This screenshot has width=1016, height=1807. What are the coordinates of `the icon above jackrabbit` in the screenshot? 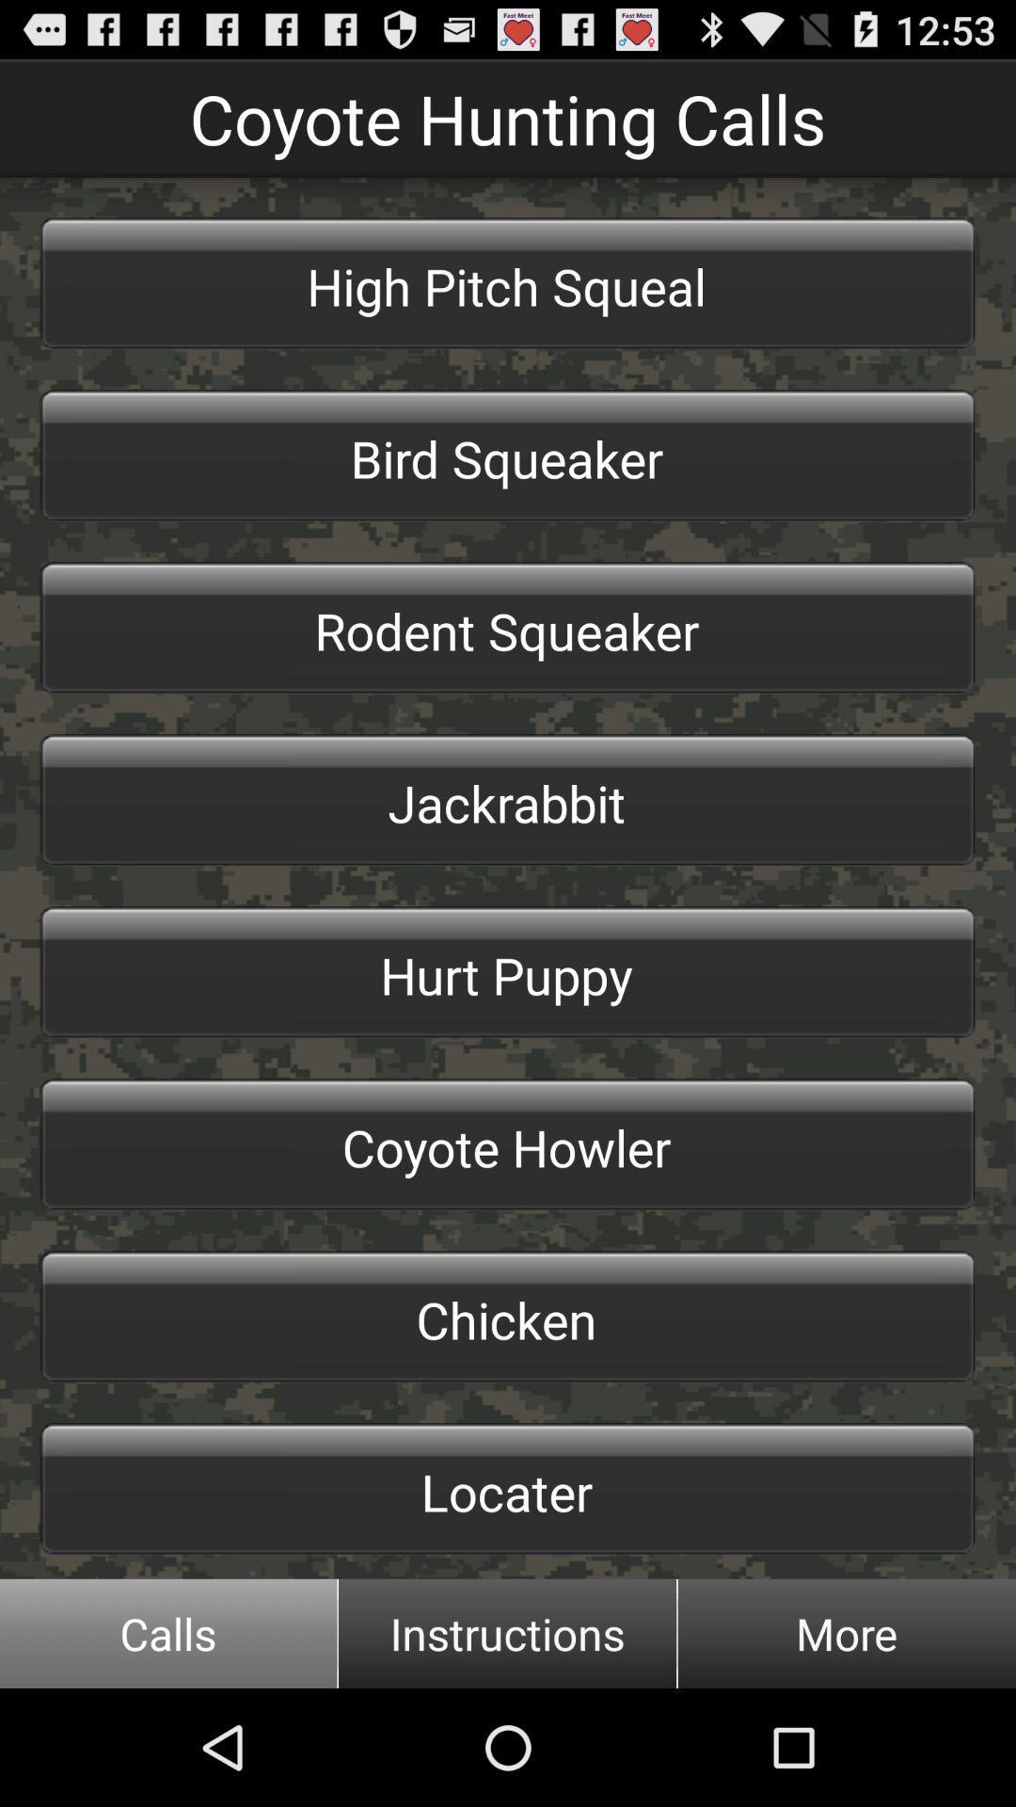 It's located at (508, 628).